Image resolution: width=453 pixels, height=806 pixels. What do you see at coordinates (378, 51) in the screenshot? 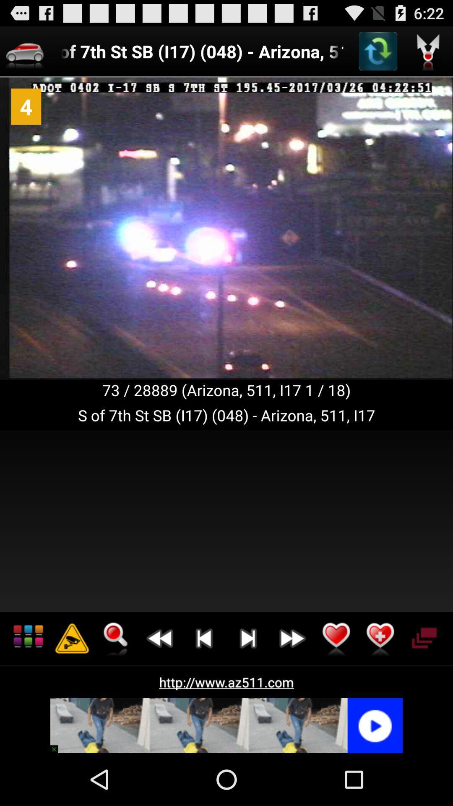
I see `refresh` at bounding box center [378, 51].